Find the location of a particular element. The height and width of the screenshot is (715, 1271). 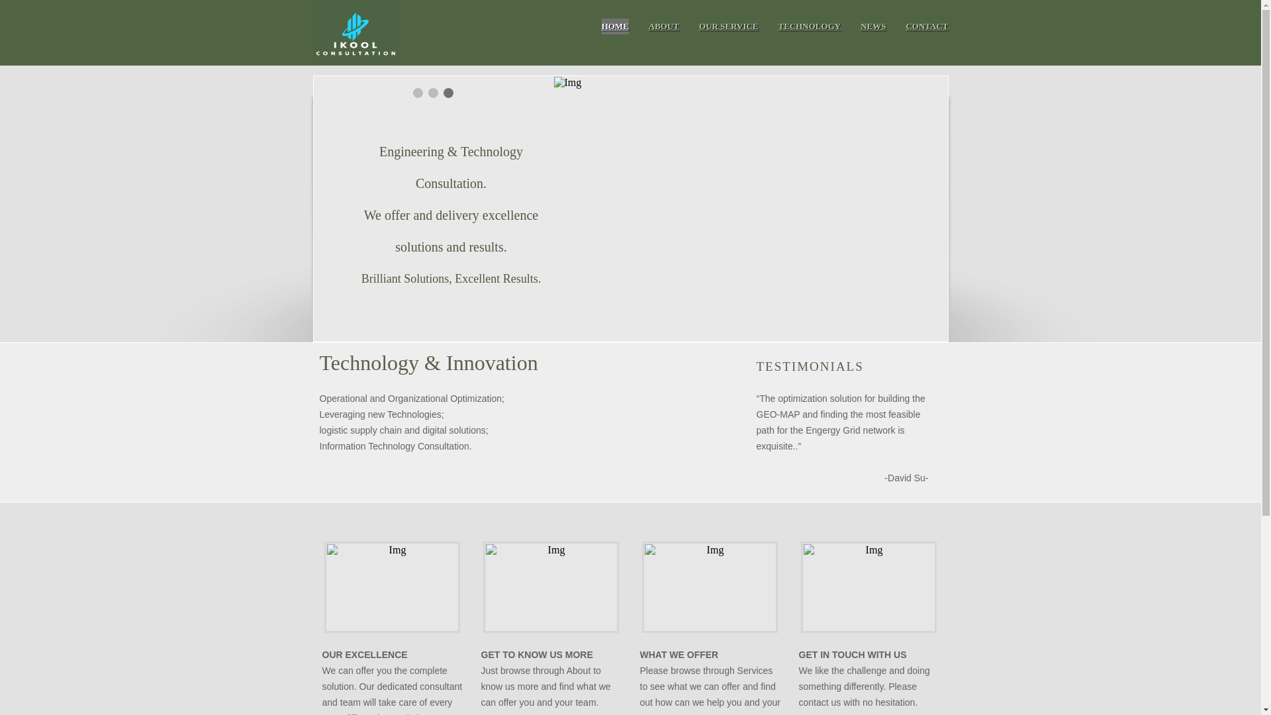

'TECHNOLOGY' is located at coordinates (809, 26).